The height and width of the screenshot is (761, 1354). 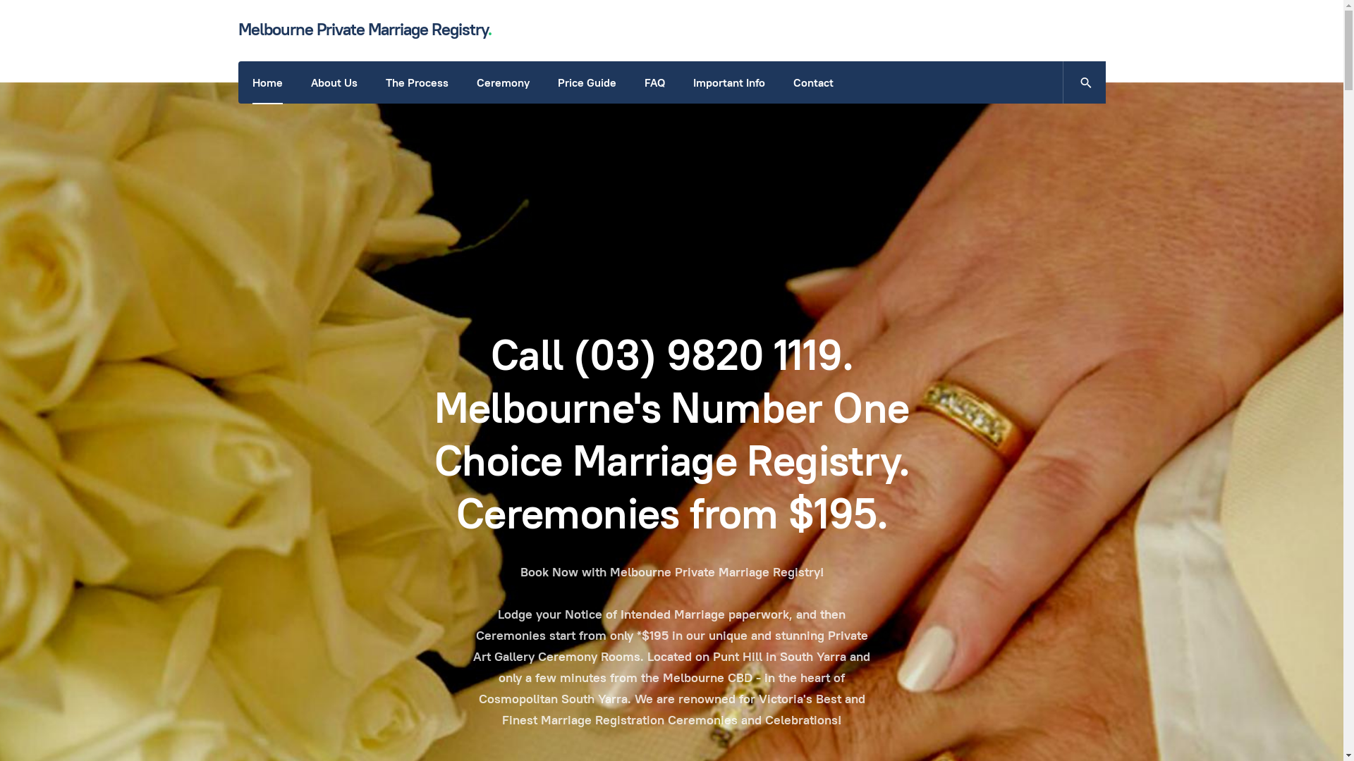 What do you see at coordinates (586, 82) in the screenshot?
I see `'Price Guide'` at bounding box center [586, 82].